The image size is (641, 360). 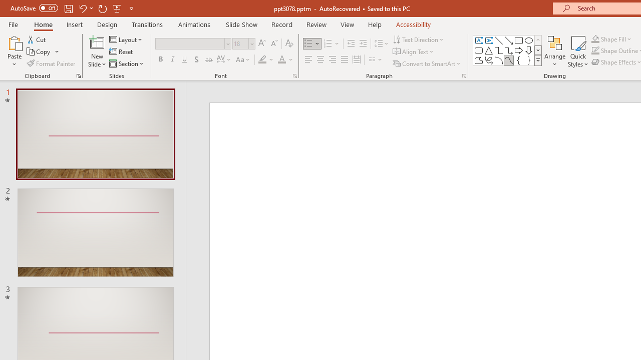 What do you see at coordinates (121, 51) in the screenshot?
I see `'Reset'` at bounding box center [121, 51].